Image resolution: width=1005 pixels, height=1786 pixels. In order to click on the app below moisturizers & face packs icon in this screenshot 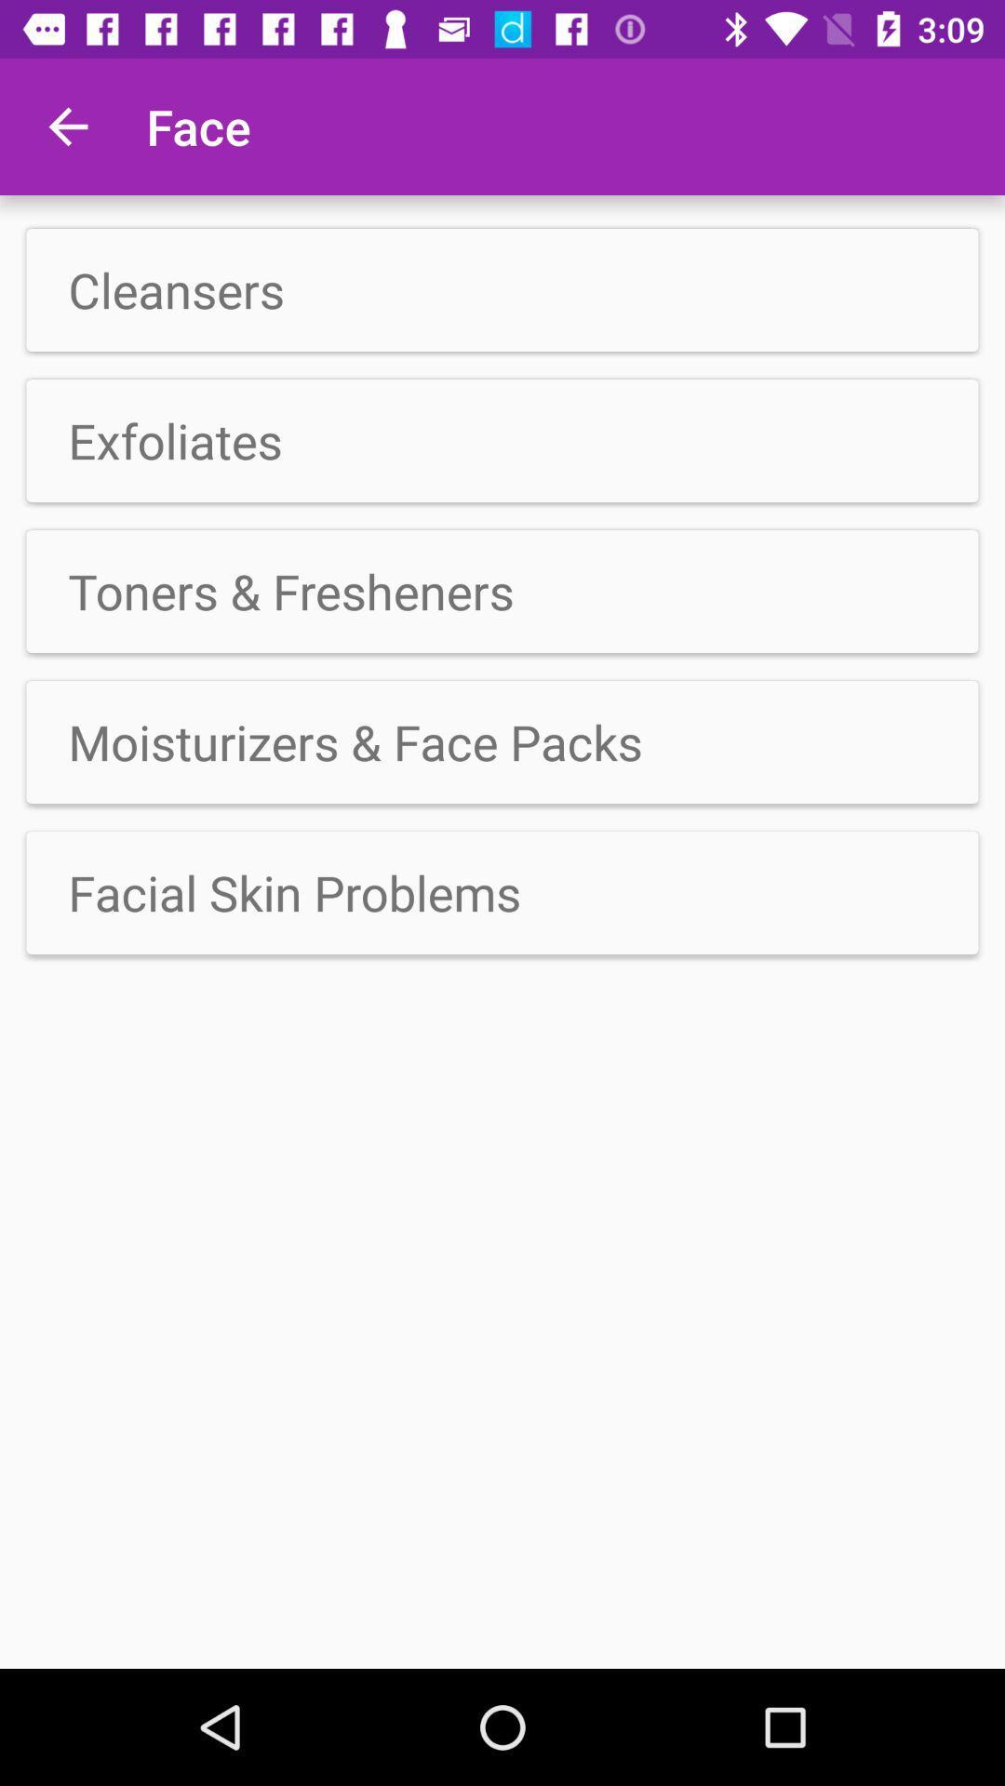, I will do `click(502, 893)`.